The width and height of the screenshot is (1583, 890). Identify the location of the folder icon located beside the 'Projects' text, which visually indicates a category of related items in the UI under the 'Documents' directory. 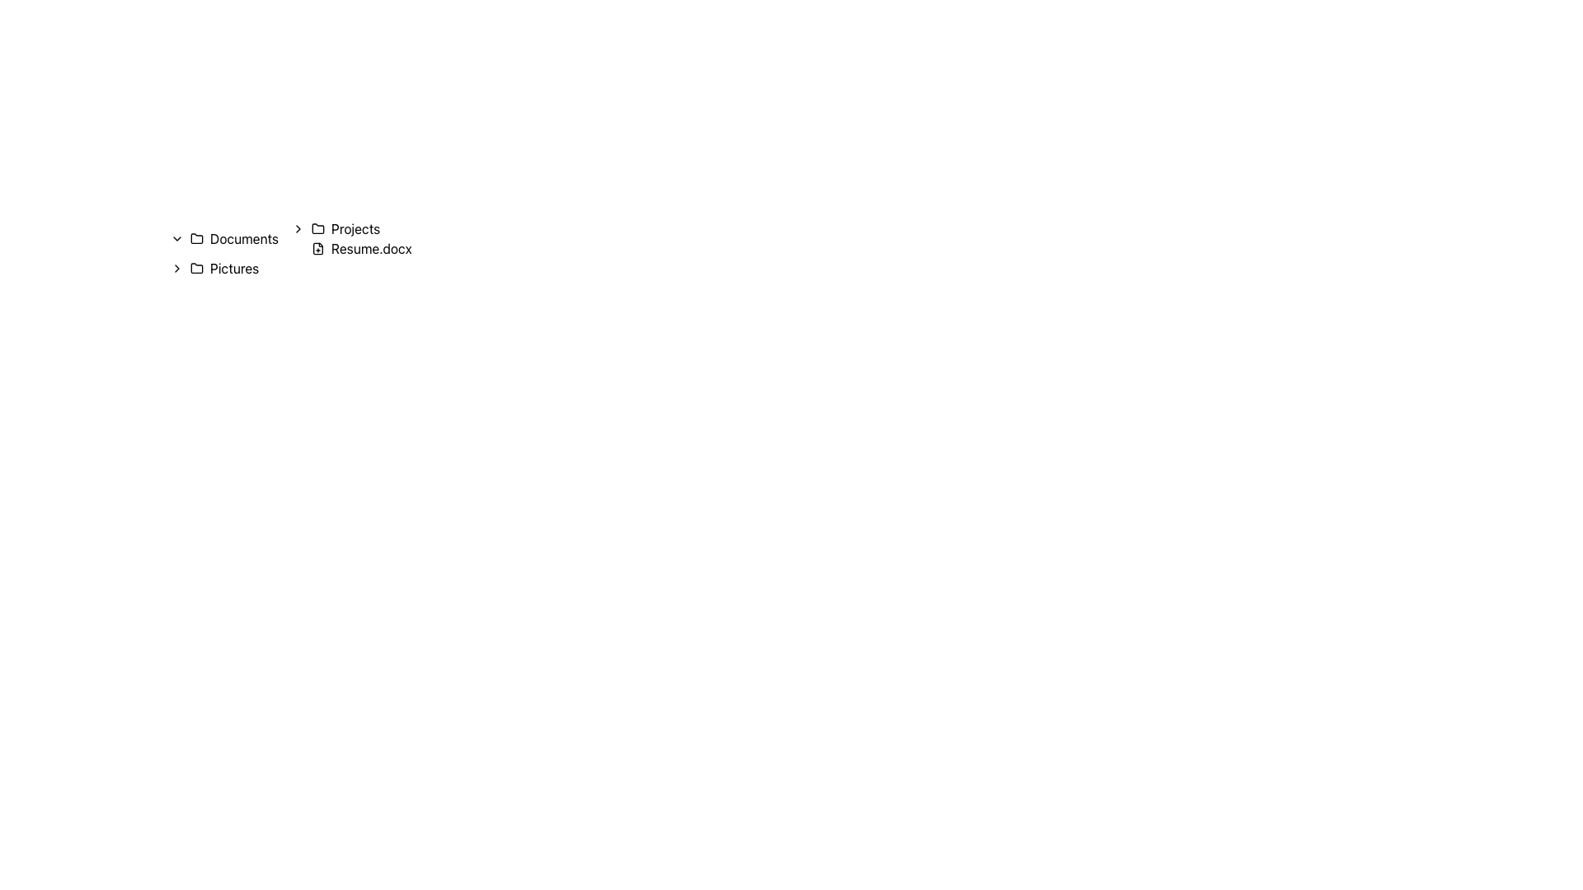
(317, 228).